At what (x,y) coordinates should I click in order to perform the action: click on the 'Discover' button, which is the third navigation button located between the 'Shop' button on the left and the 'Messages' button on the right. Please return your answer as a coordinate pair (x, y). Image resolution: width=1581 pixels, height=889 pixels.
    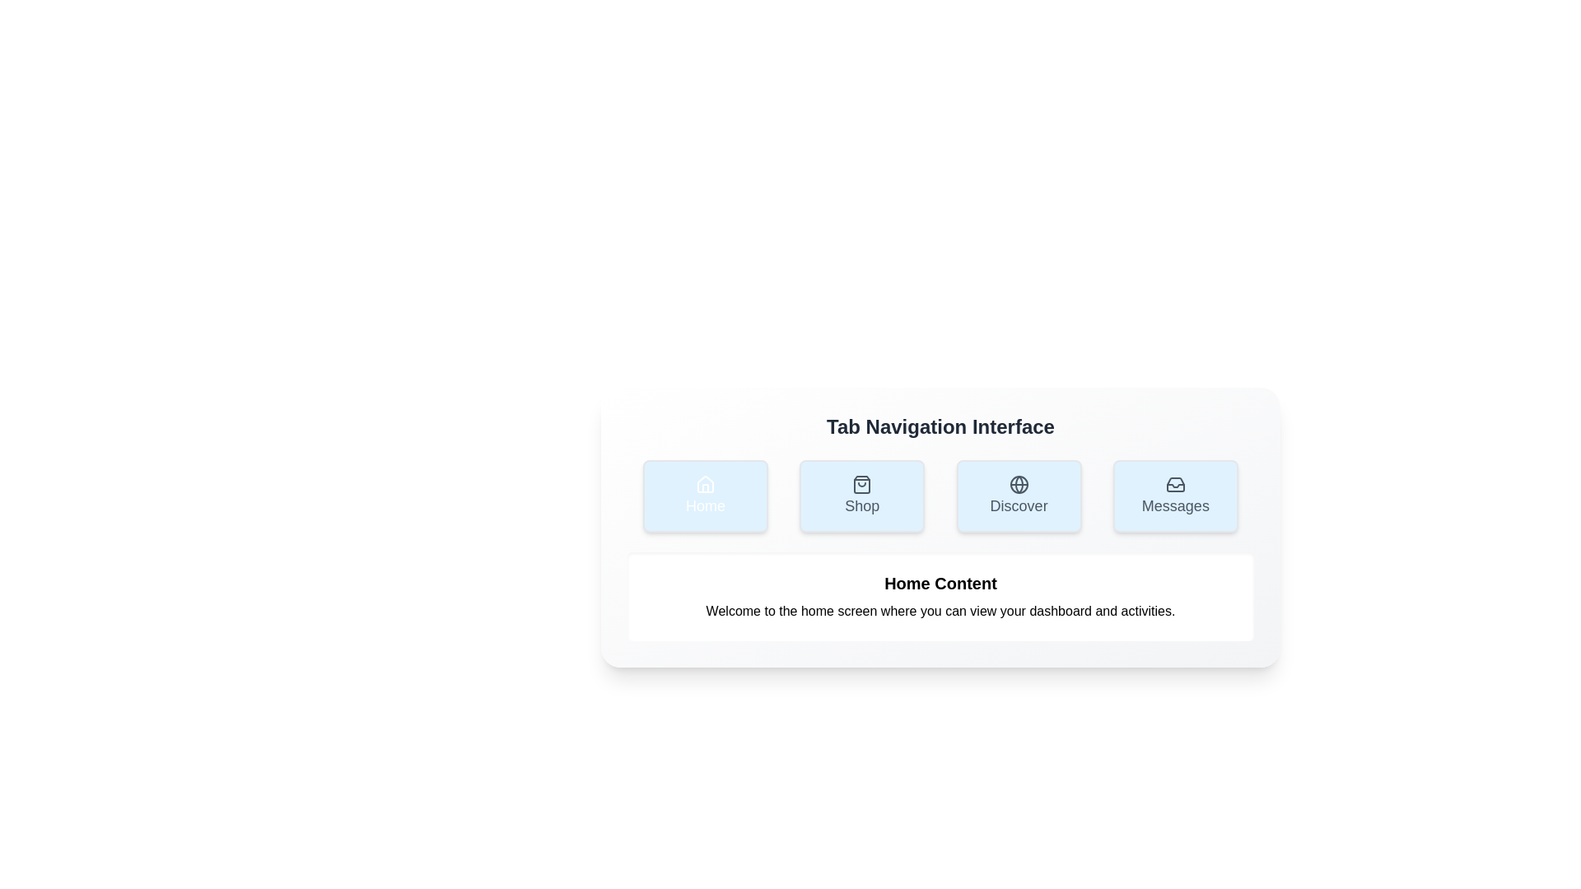
    Looking at the image, I should click on (1018, 495).